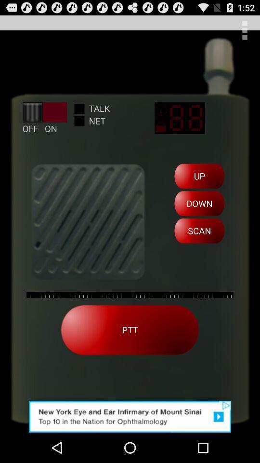  What do you see at coordinates (130, 416) in the screenshot?
I see `of the option` at bounding box center [130, 416].